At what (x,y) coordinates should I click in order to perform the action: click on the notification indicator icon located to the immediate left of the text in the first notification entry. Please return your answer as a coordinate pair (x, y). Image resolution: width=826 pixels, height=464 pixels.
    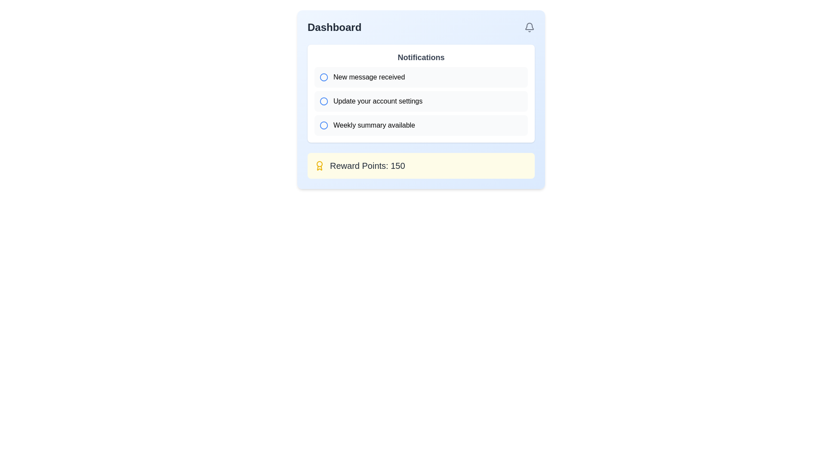
    Looking at the image, I should click on (324, 77).